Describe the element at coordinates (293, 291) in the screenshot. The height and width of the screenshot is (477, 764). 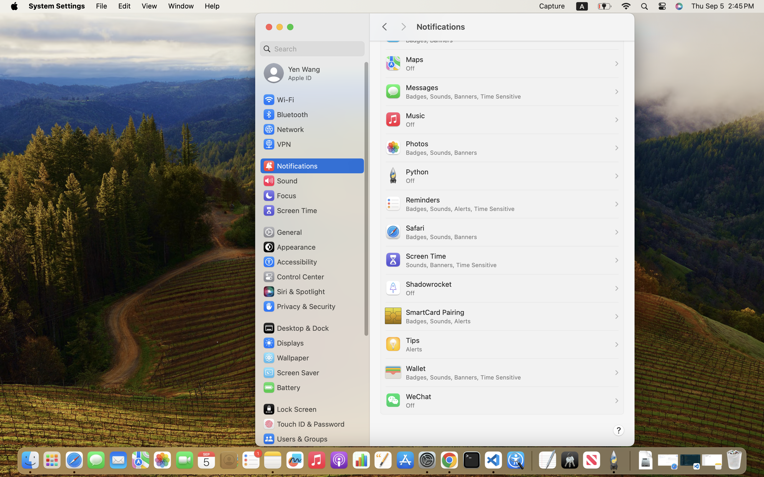
I see `'Siri & Spotlight'` at that location.